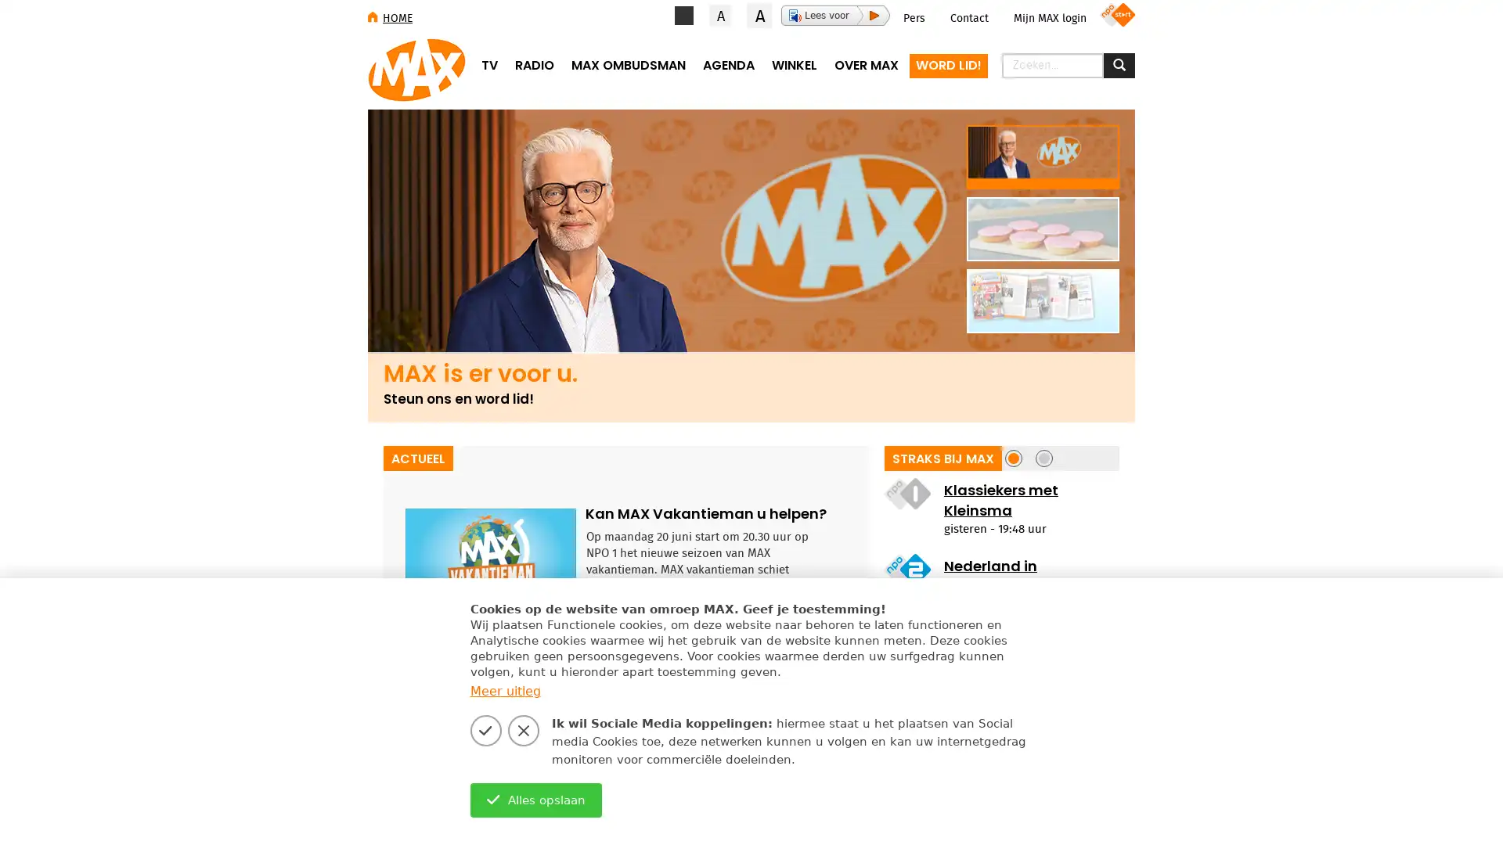 The image size is (1503, 845). Describe the element at coordinates (834, 15) in the screenshot. I see `Lees voor` at that location.